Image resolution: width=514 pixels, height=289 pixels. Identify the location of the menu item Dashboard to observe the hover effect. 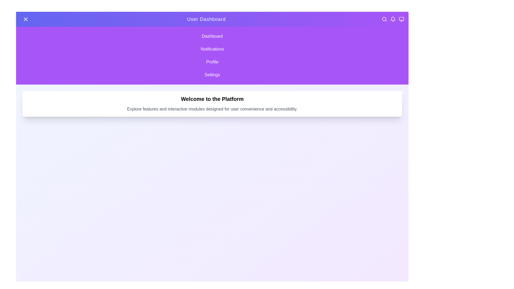
(212, 36).